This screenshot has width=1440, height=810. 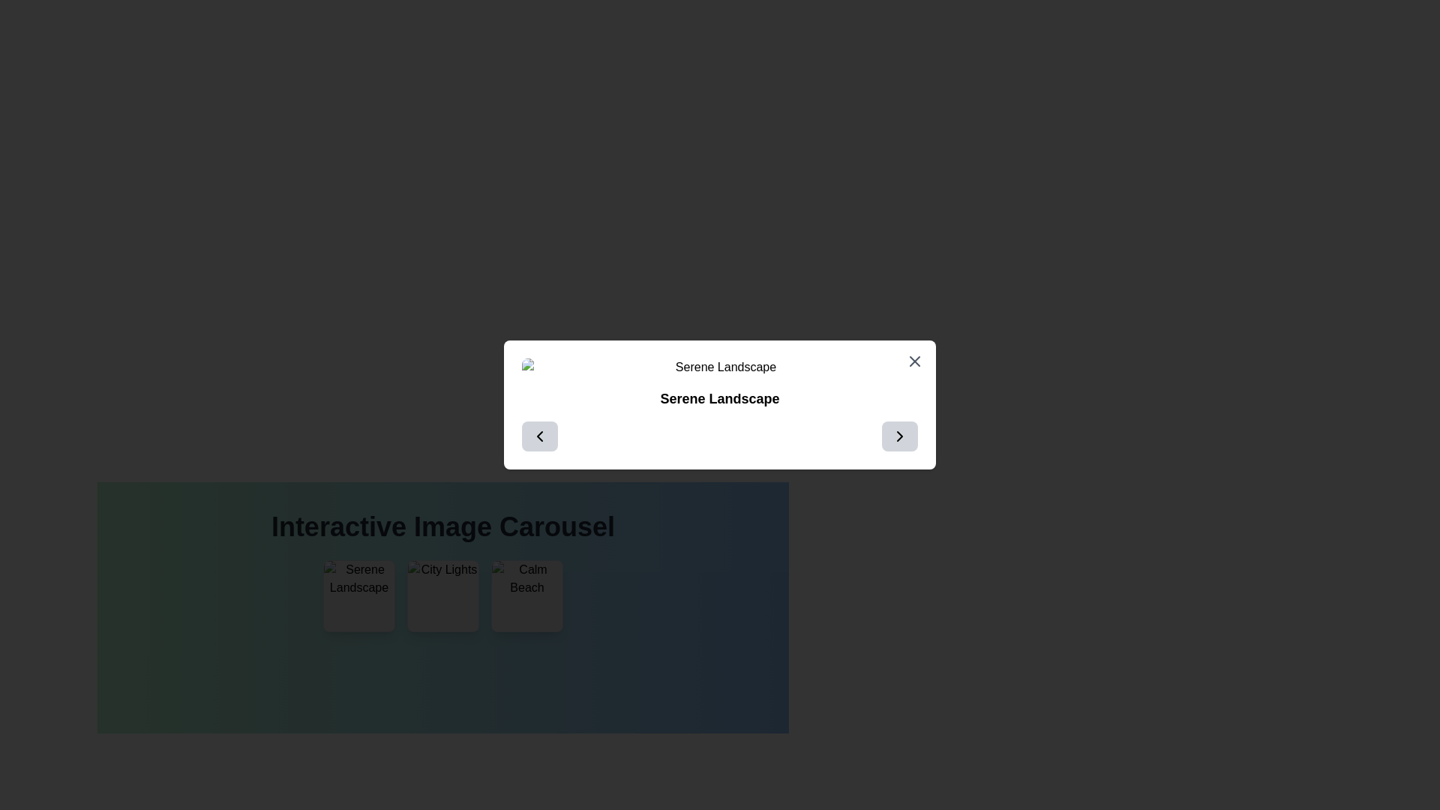 What do you see at coordinates (720, 405) in the screenshot?
I see `the centered modal popup with a white background, rounded corners, and shadowed edges` at bounding box center [720, 405].